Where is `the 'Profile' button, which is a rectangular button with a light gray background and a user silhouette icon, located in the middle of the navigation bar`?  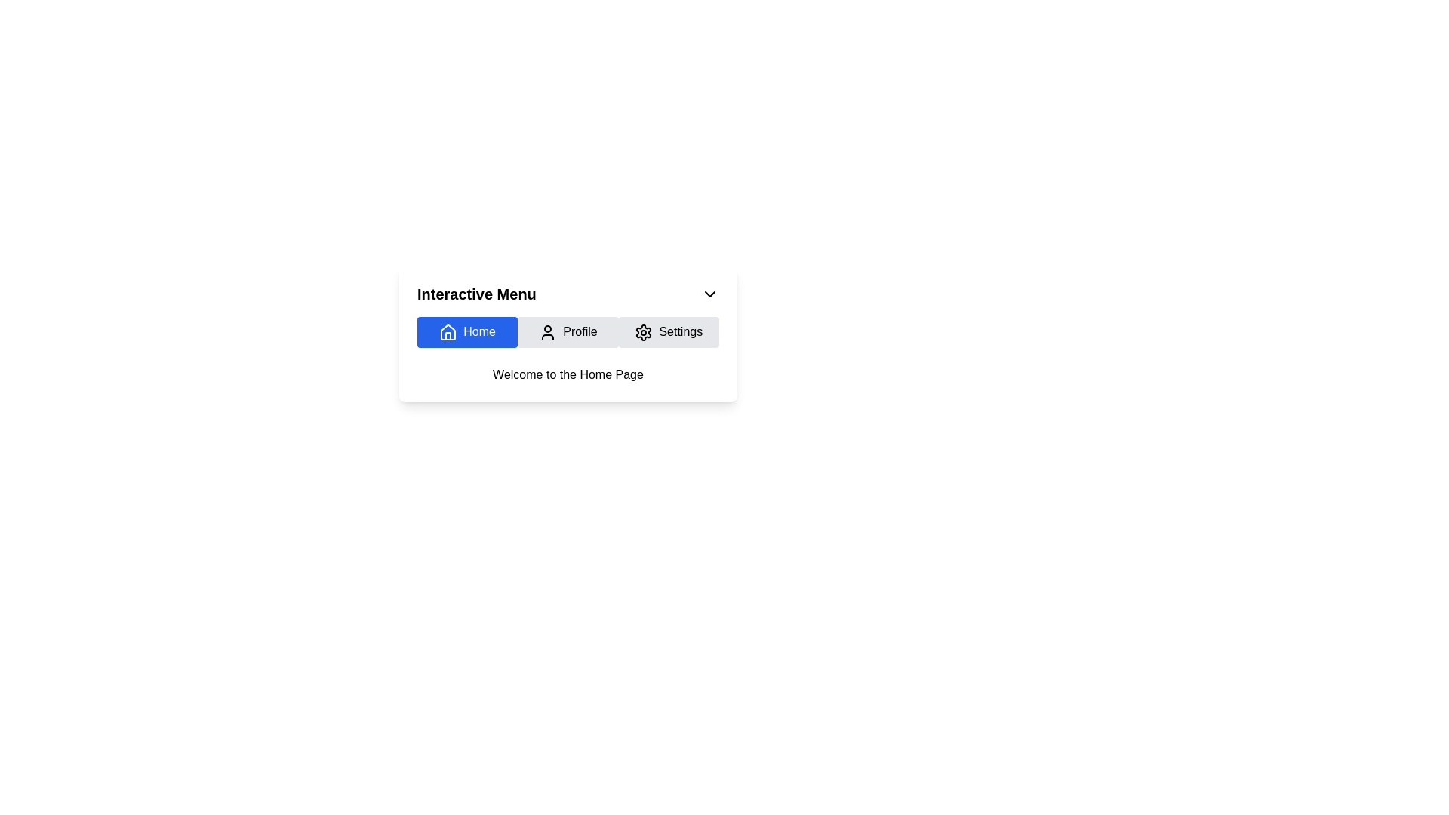
the 'Profile' button, which is a rectangular button with a light gray background and a user silhouette icon, located in the middle of the navigation bar is located at coordinates (568, 331).